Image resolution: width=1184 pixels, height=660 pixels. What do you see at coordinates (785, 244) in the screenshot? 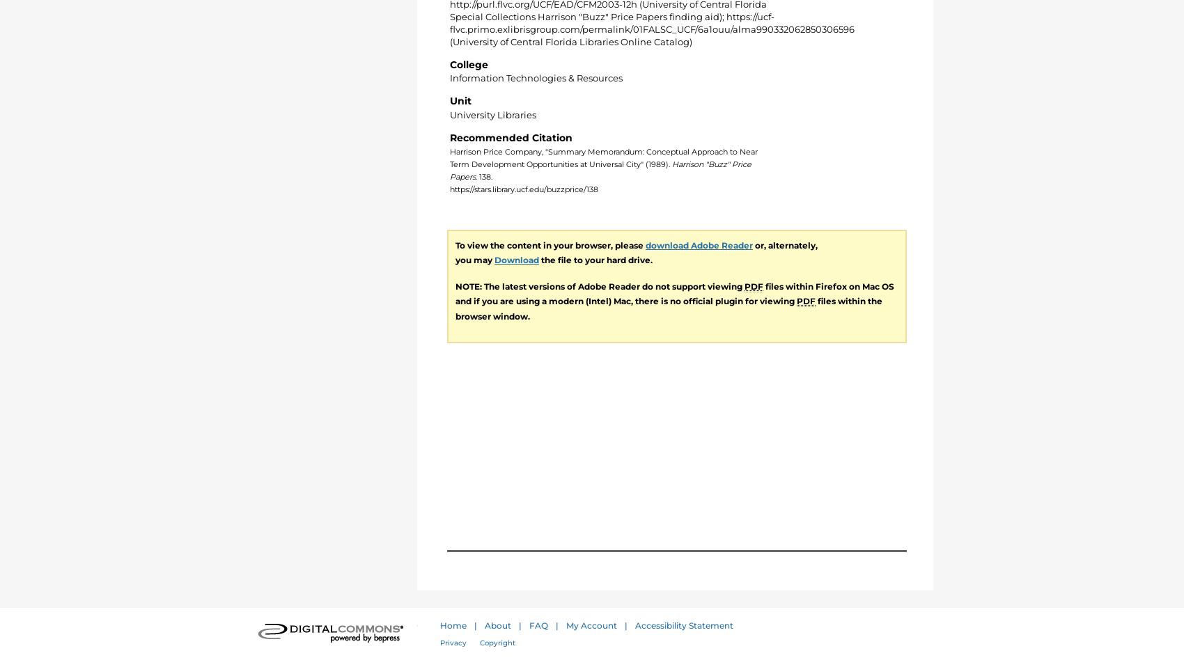
I see `'or, alternately,'` at bounding box center [785, 244].